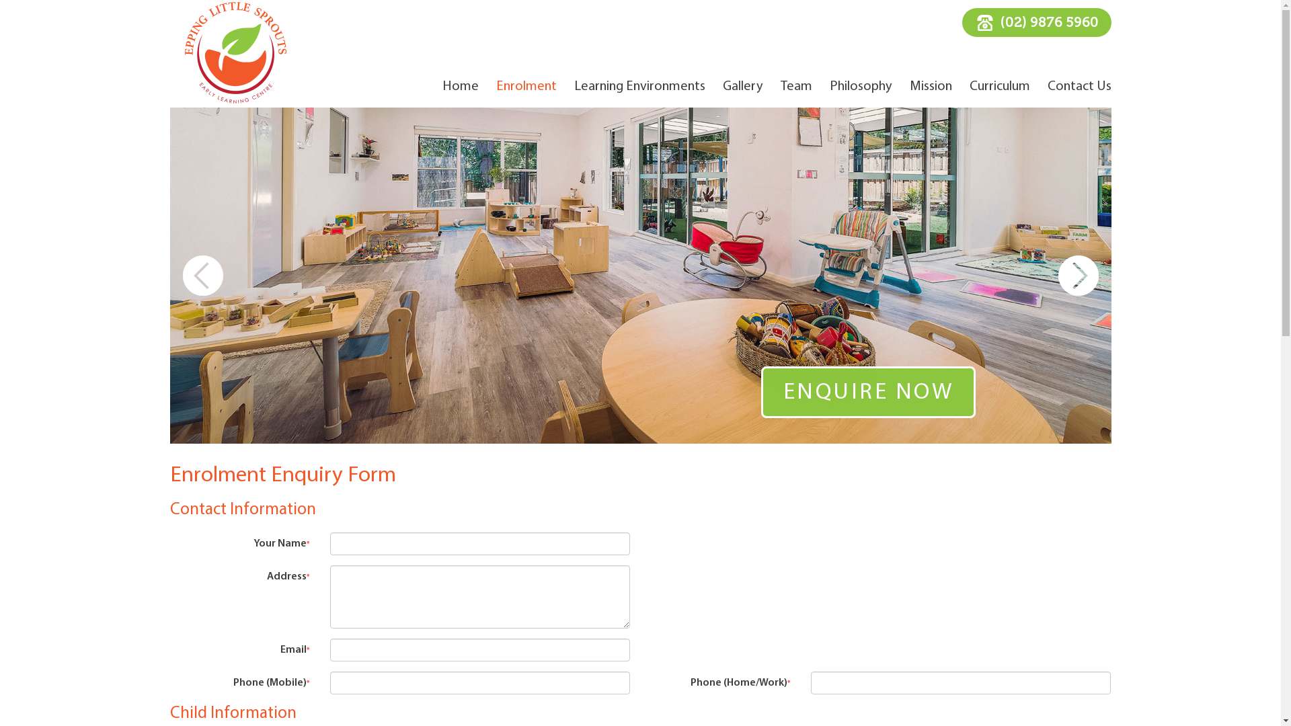 The width and height of the screenshot is (1291, 726). I want to click on 'Enrolment', so click(525, 87).